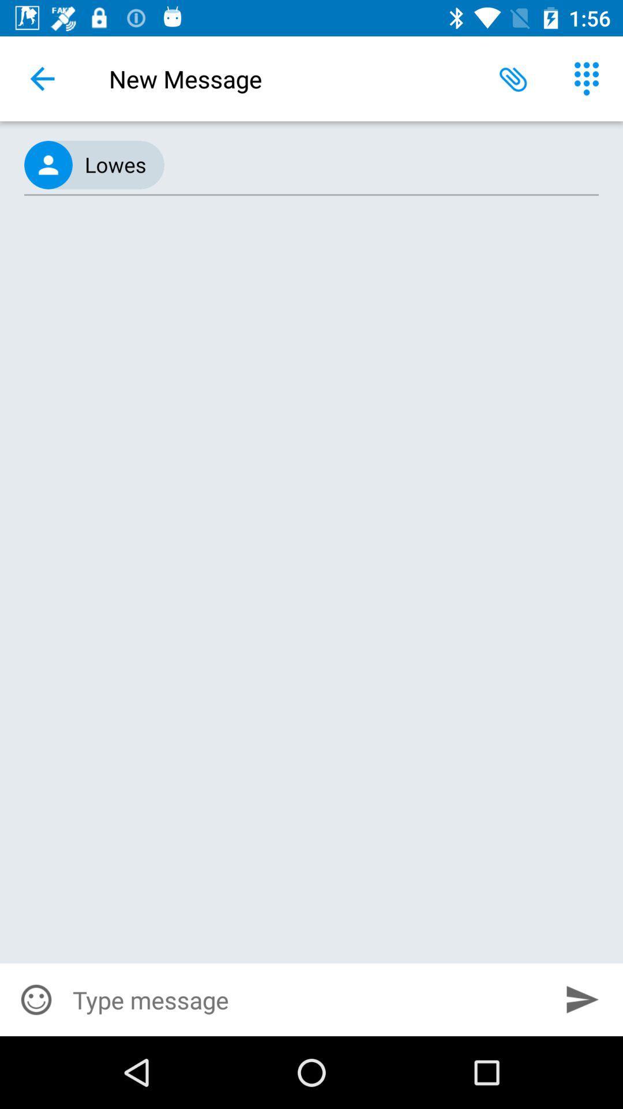  Describe the element at coordinates (587, 78) in the screenshot. I see `the item above (415) 486-8611,  item` at that location.